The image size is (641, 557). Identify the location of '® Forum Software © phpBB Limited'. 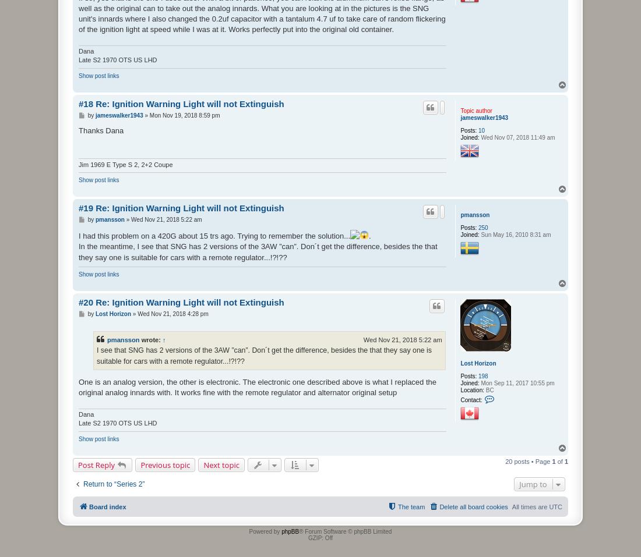
(344, 531).